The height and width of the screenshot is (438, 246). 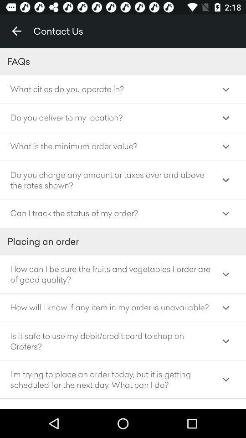 I want to click on icon next to contact us, so click(x=16, y=31).